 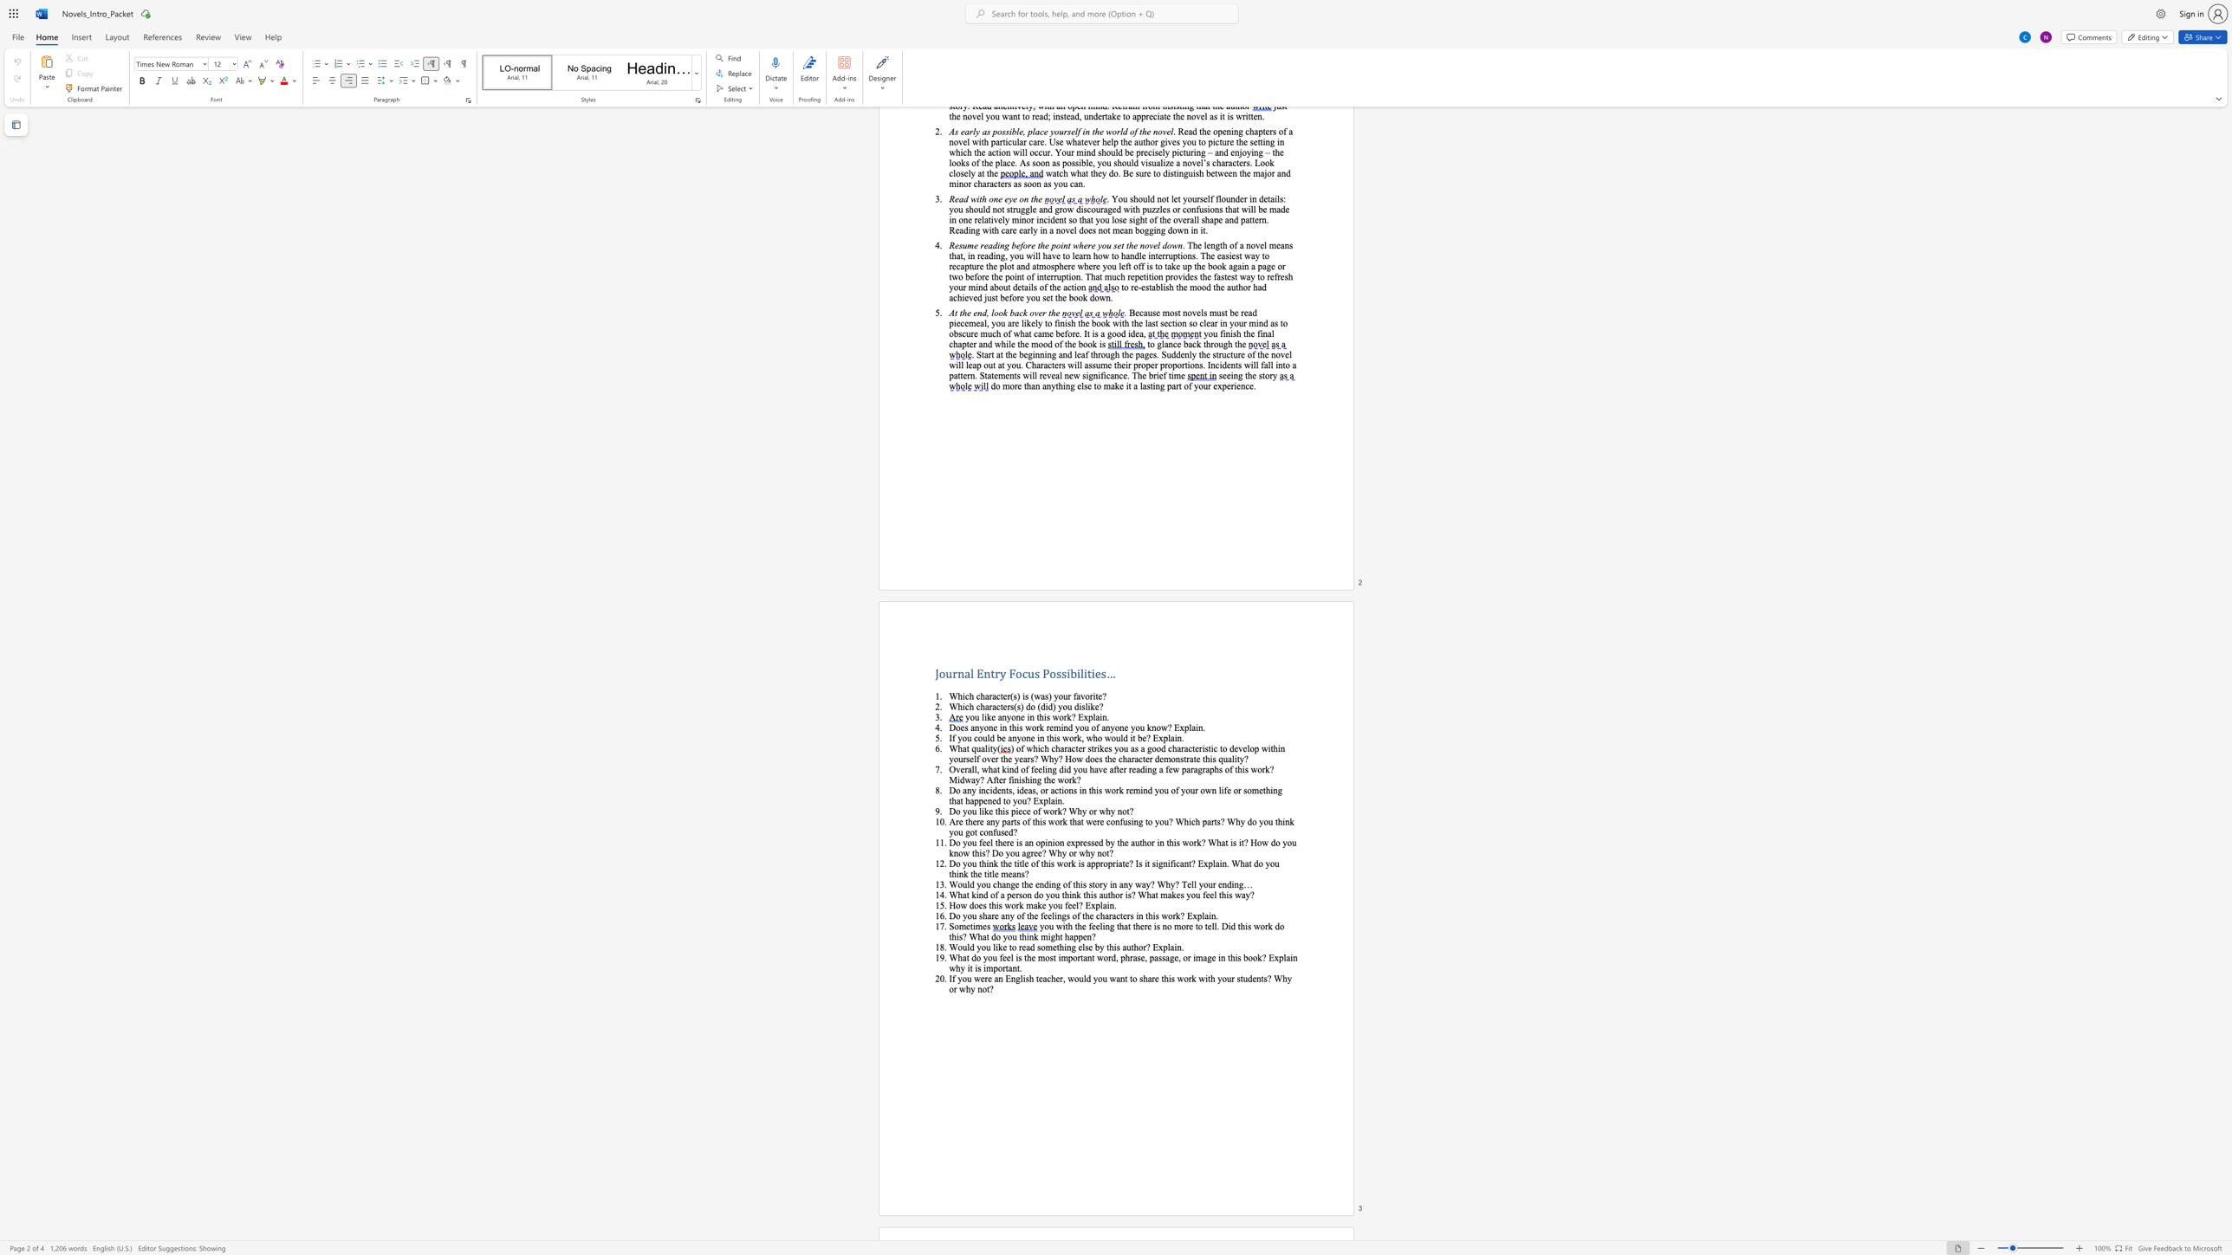 I want to click on the subset text "in" within the text "Does anyone in this work remind you of anyone you know? Explain.", so click(x=1195, y=727).